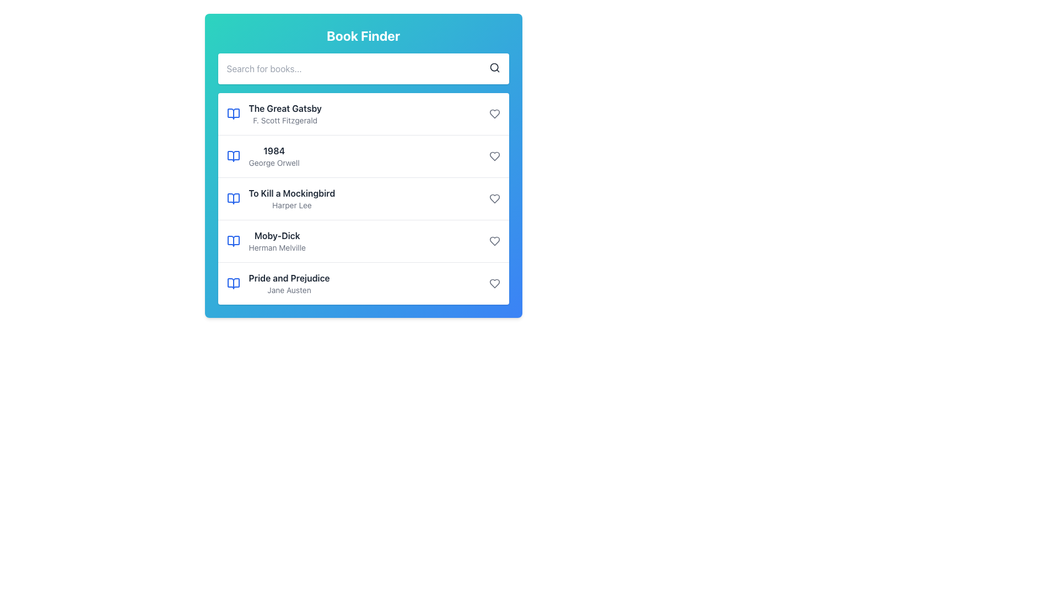 The height and width of the screenshot is (595, 1058). Describe the element at coordinates (233, 283) in the screenshot. I see `the pictogram icon representing the book entry for 'Pride and Prejudice', located near the left side of the fifth row` at that location.